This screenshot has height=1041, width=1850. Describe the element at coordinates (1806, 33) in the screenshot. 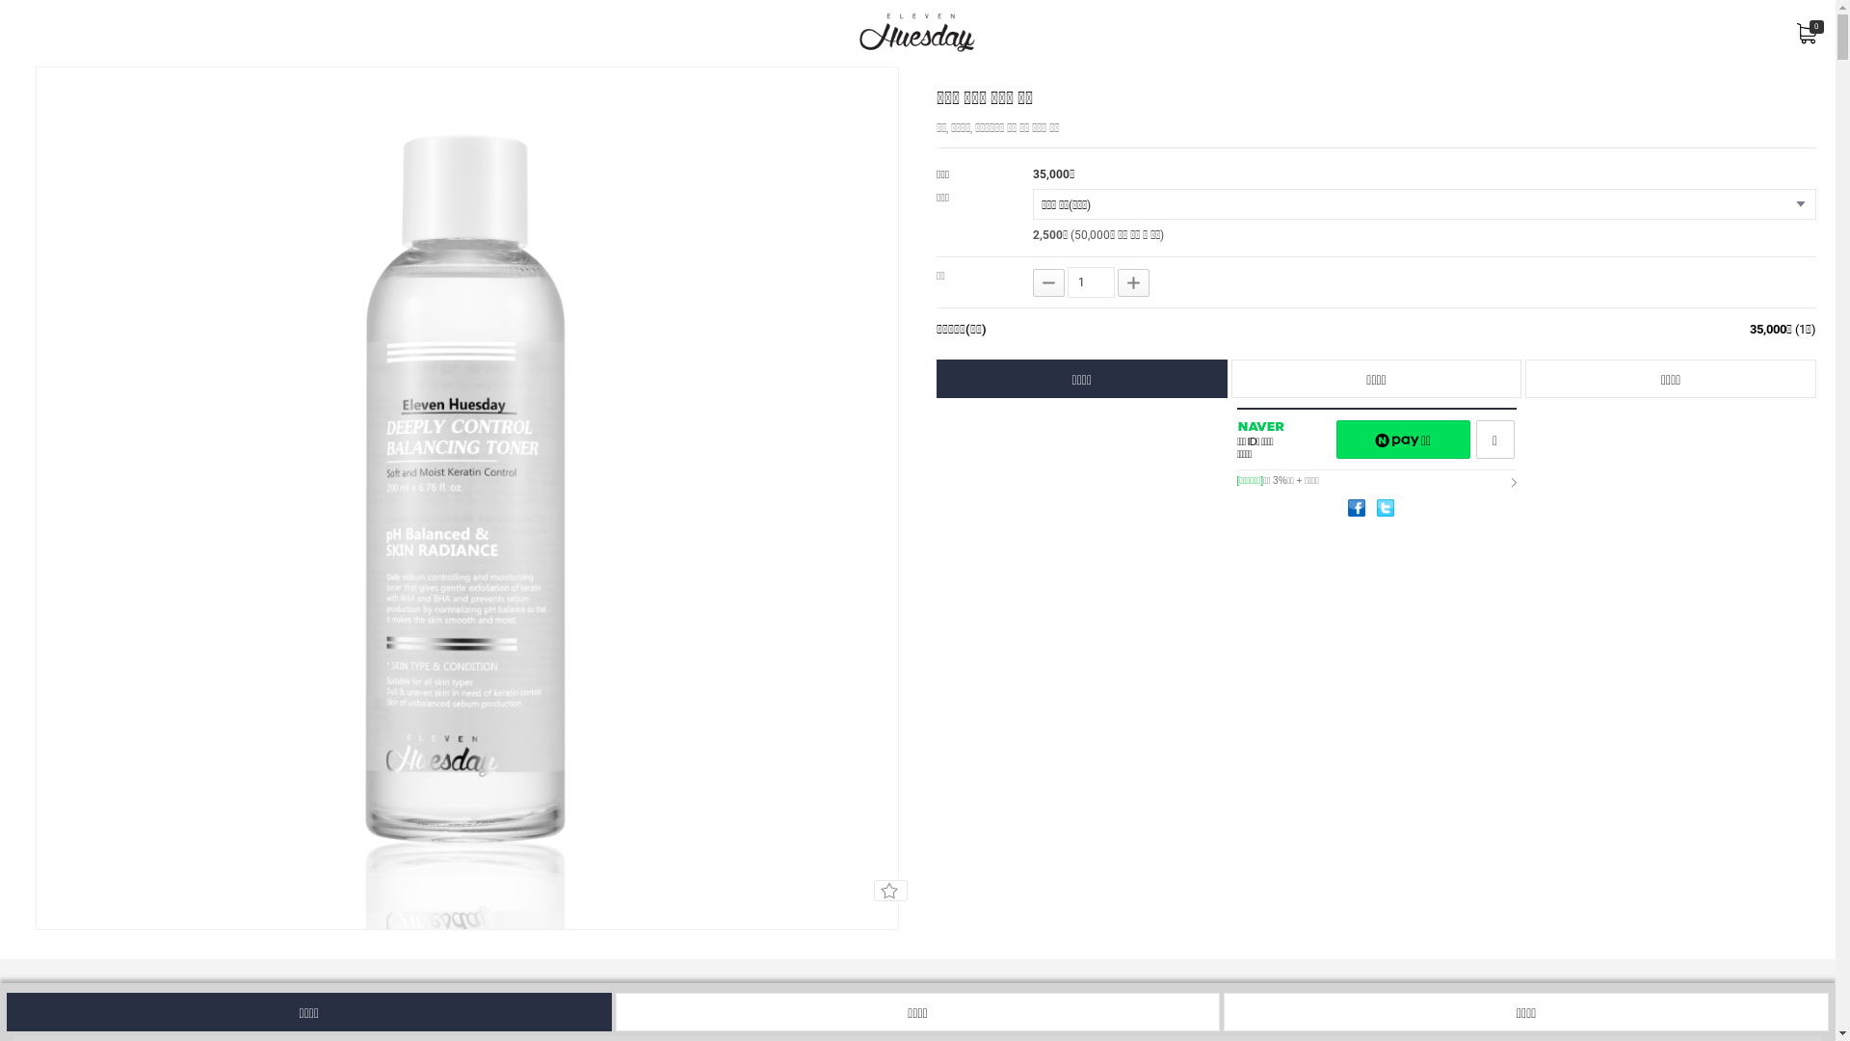

I see `'0'` at that location.